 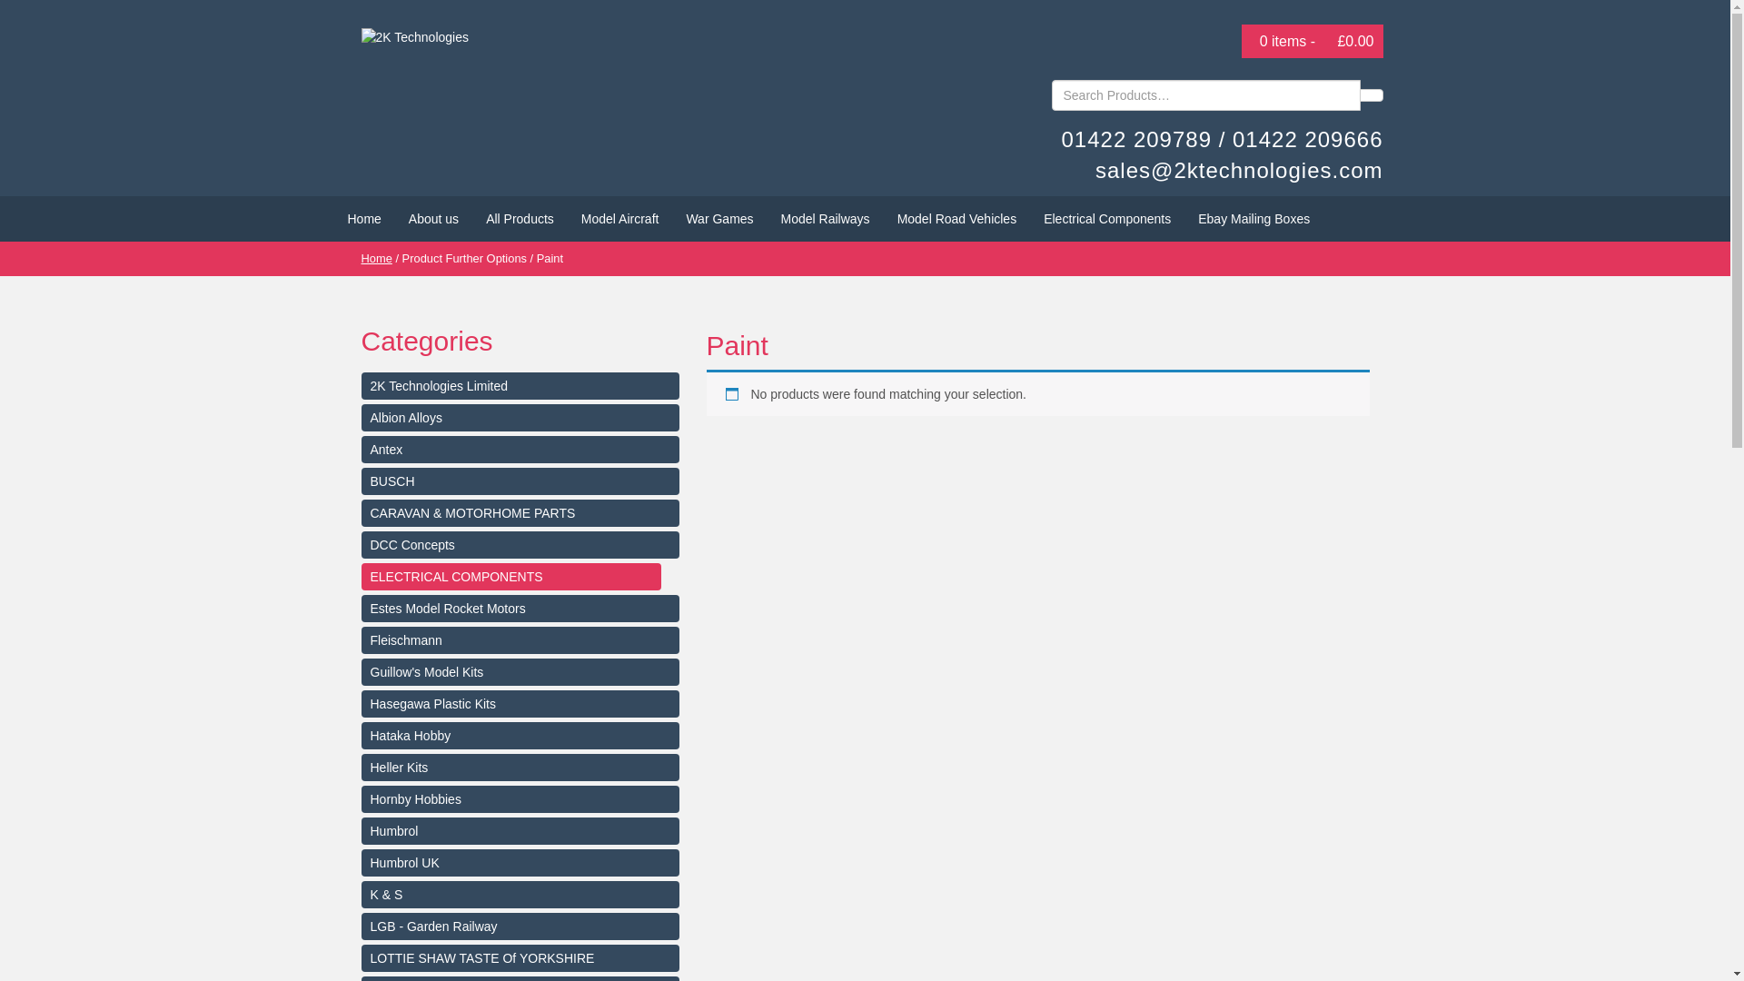 I want to click on 'Search', so click(x=1370, y=94).